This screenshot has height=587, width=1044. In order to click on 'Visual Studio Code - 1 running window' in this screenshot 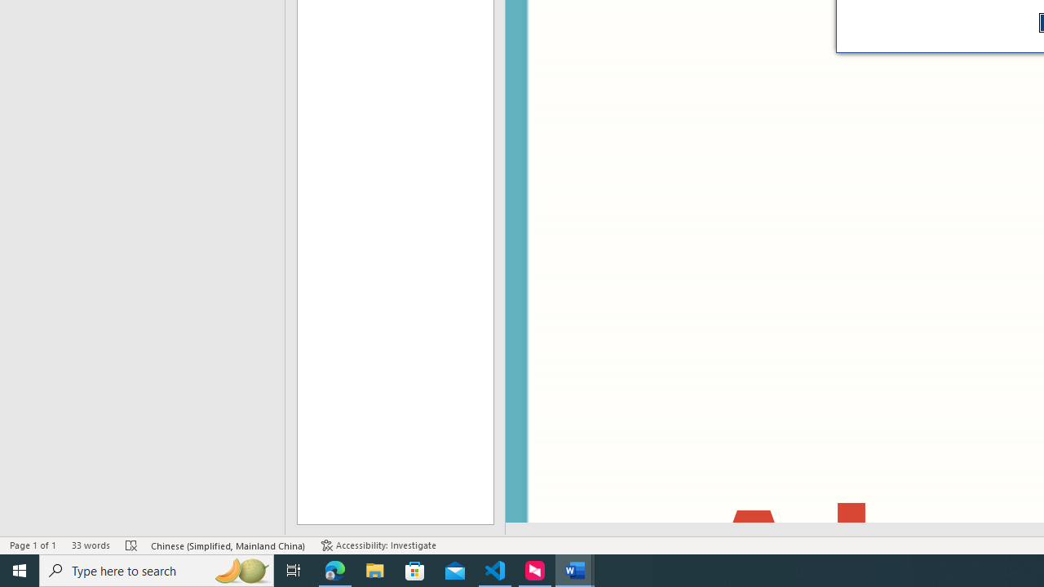, I will do `click(494, 569)`.